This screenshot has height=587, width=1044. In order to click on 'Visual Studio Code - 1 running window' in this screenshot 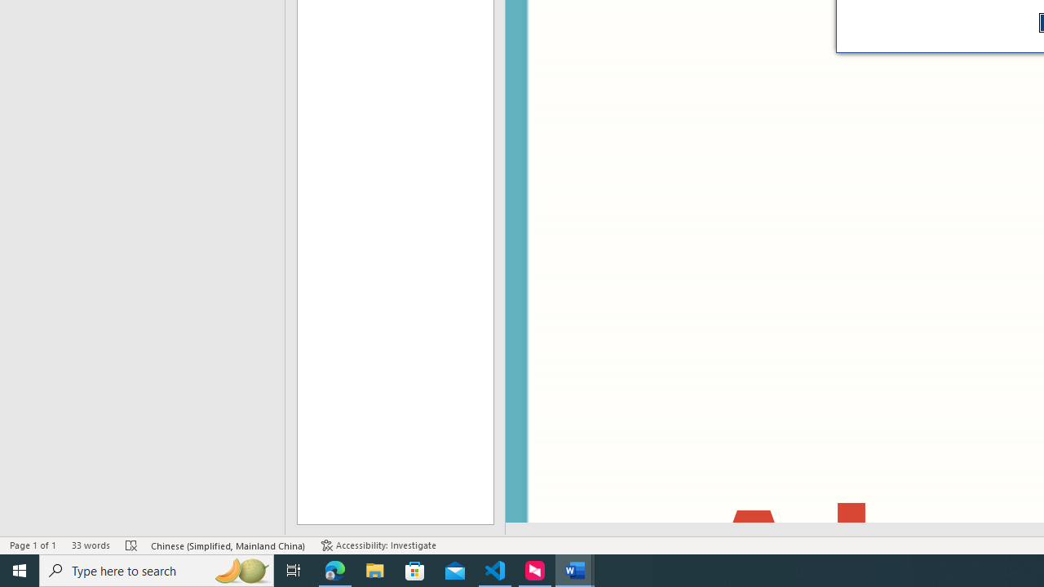, I will do `click(494, 569)`.